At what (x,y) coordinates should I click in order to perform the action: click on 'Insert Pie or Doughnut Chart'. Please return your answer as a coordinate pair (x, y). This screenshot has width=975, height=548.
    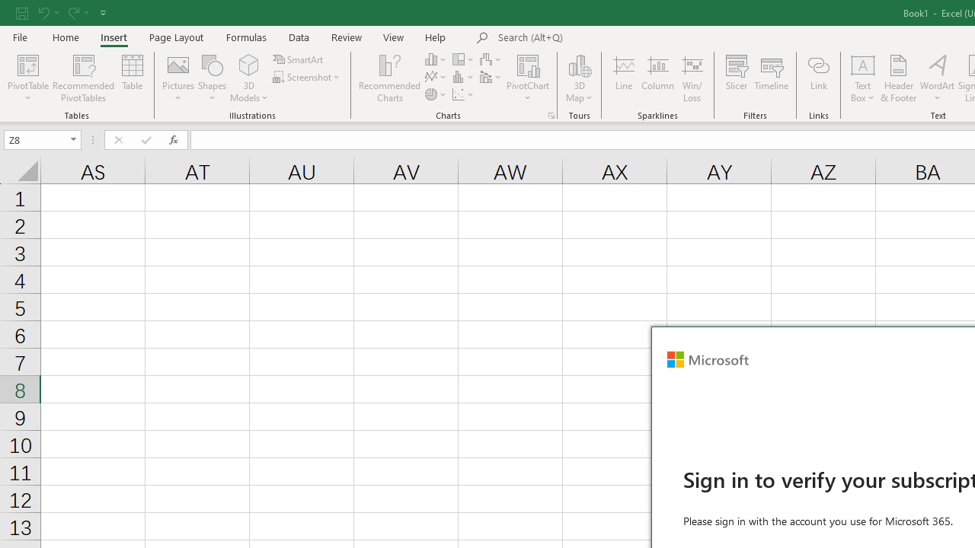
    Looking at the image, I should click on (436, 94).